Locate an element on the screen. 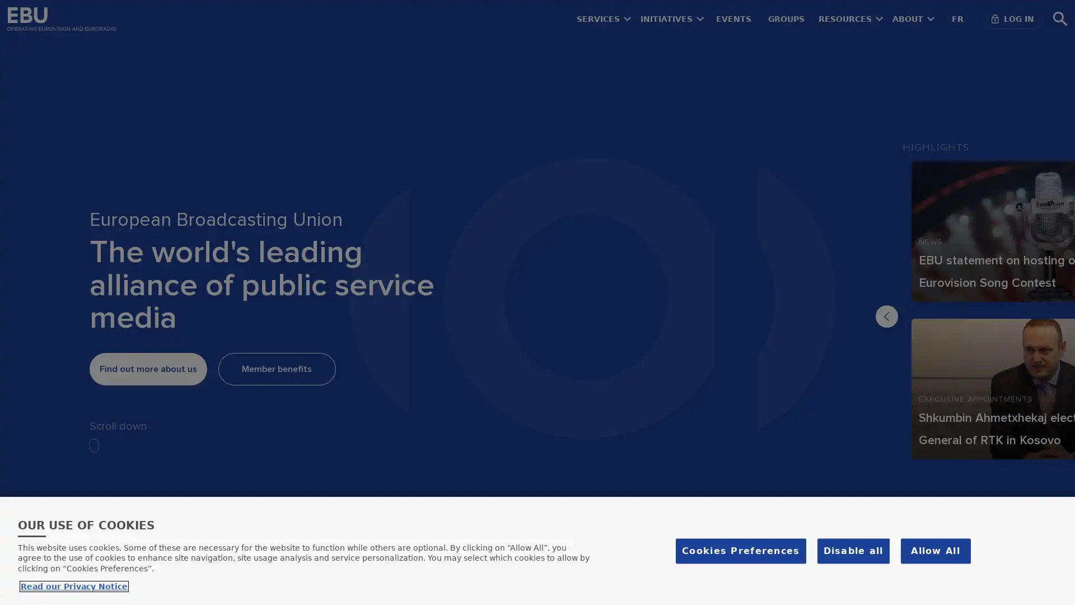 This screenshot has width=1075, height=605. Search is located at coordinates (1059, 18).